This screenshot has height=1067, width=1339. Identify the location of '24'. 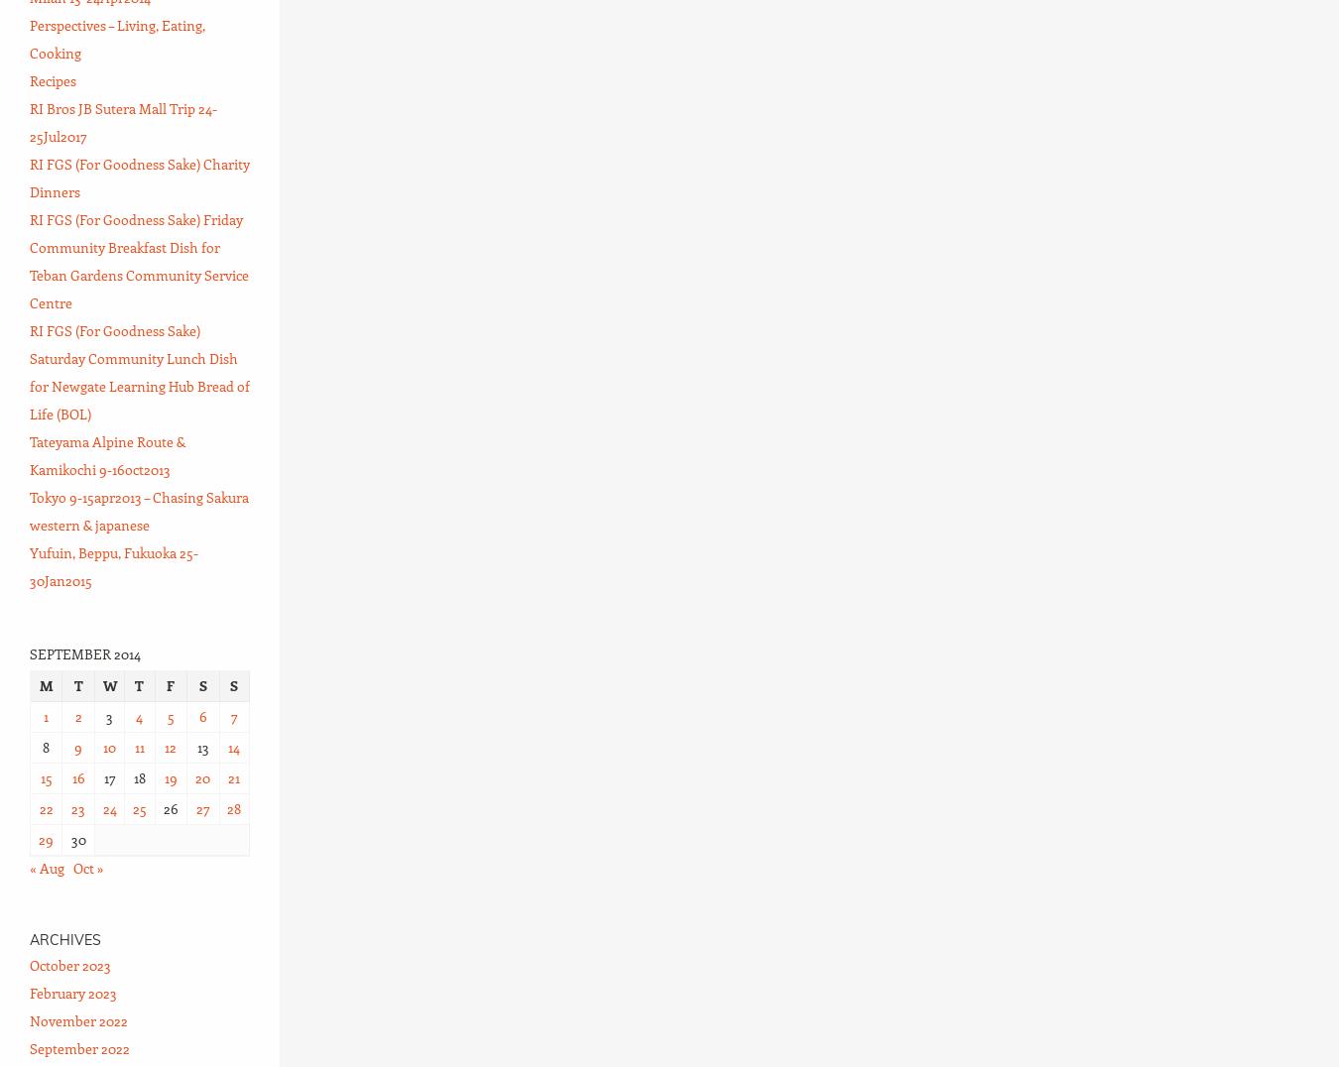
(108, 806).